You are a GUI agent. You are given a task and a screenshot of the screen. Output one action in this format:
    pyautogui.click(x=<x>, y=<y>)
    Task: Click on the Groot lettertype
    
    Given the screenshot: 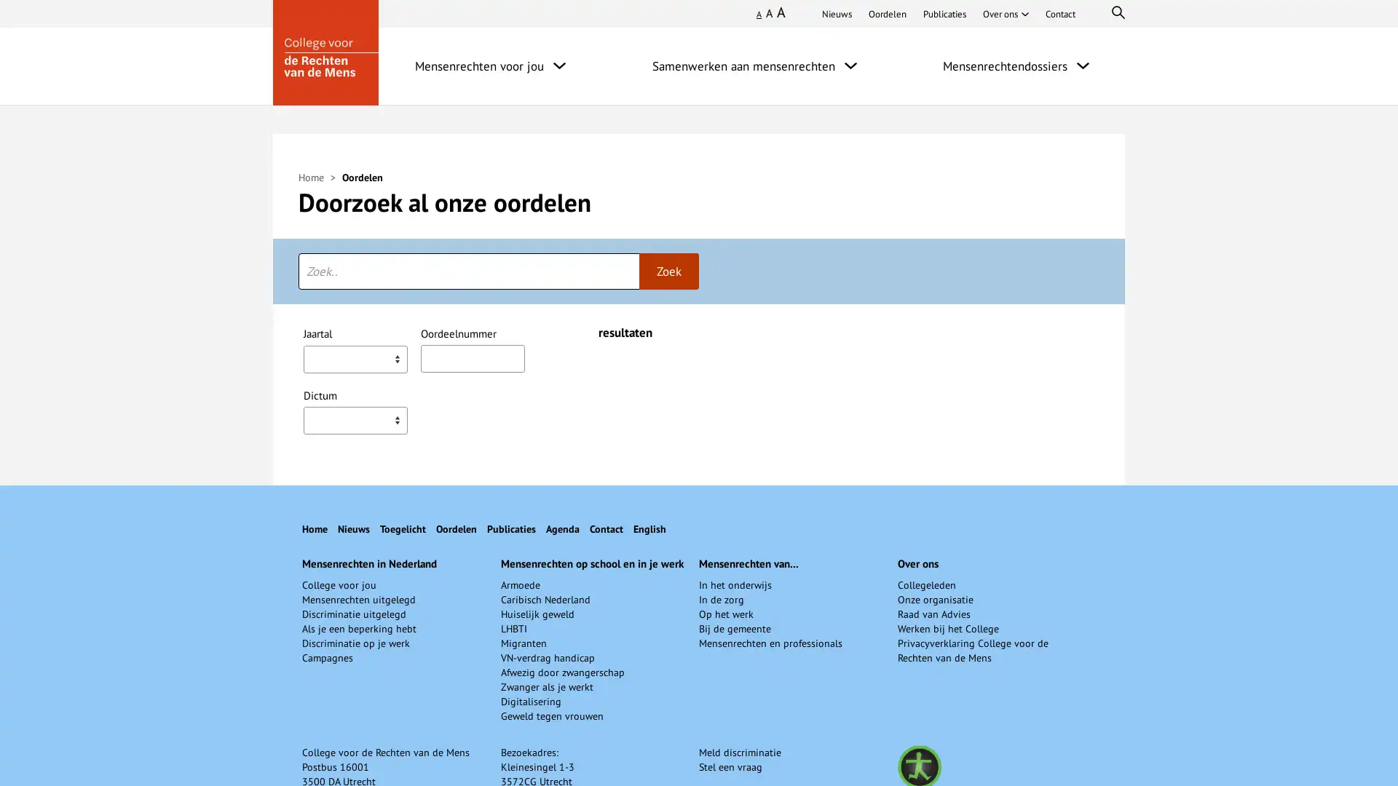 What is the action you would take?
    pyautogui.click(x=781, y=12)
    